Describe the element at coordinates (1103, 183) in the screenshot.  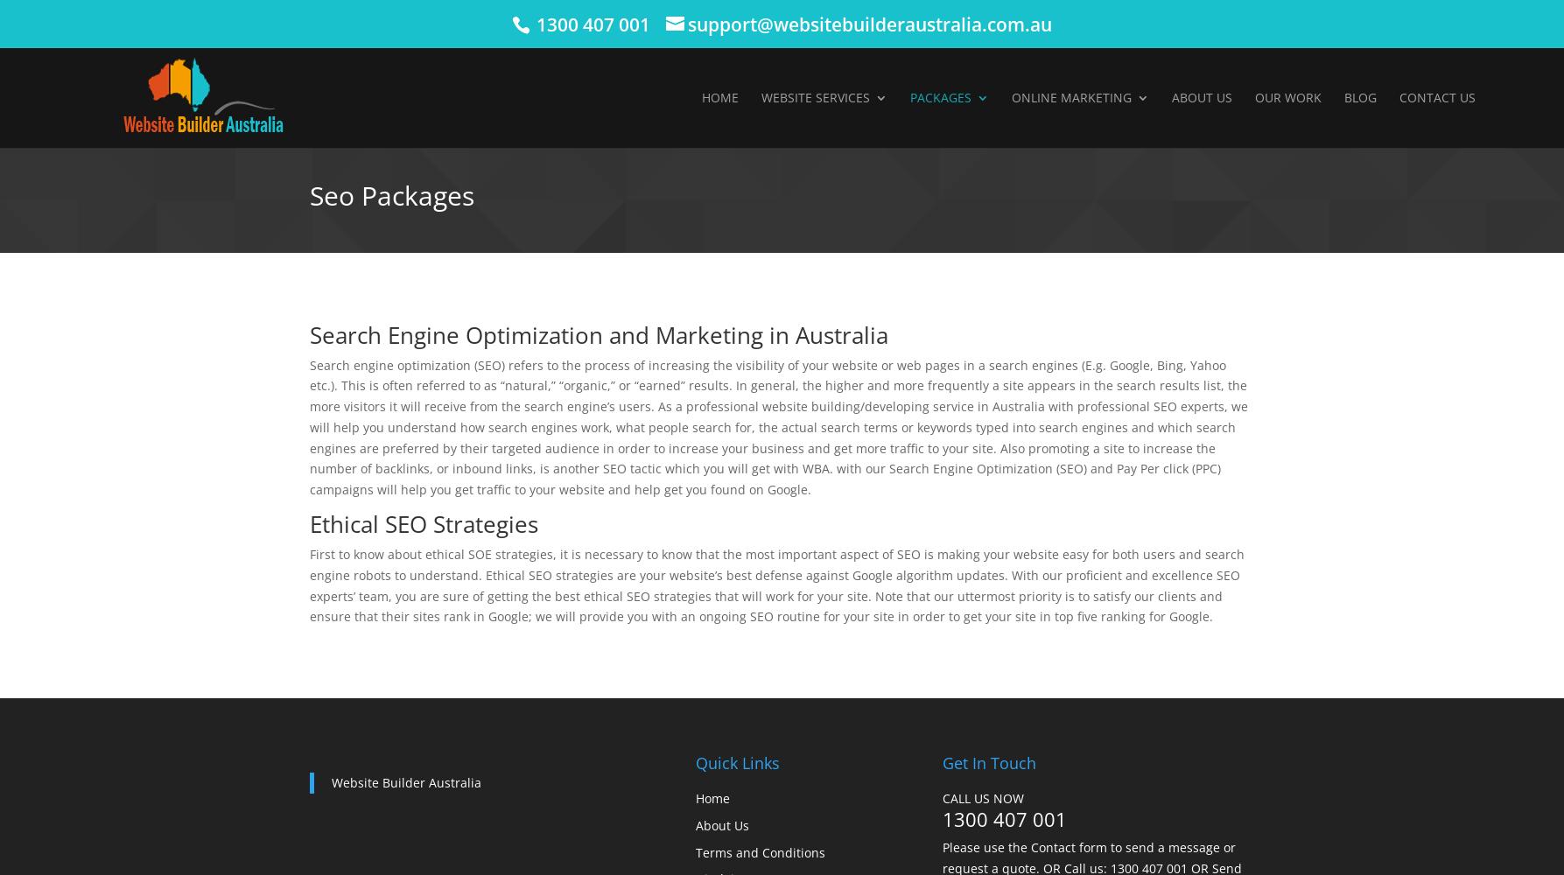
I see `'Pay Per Click (PPC)'` at that location.